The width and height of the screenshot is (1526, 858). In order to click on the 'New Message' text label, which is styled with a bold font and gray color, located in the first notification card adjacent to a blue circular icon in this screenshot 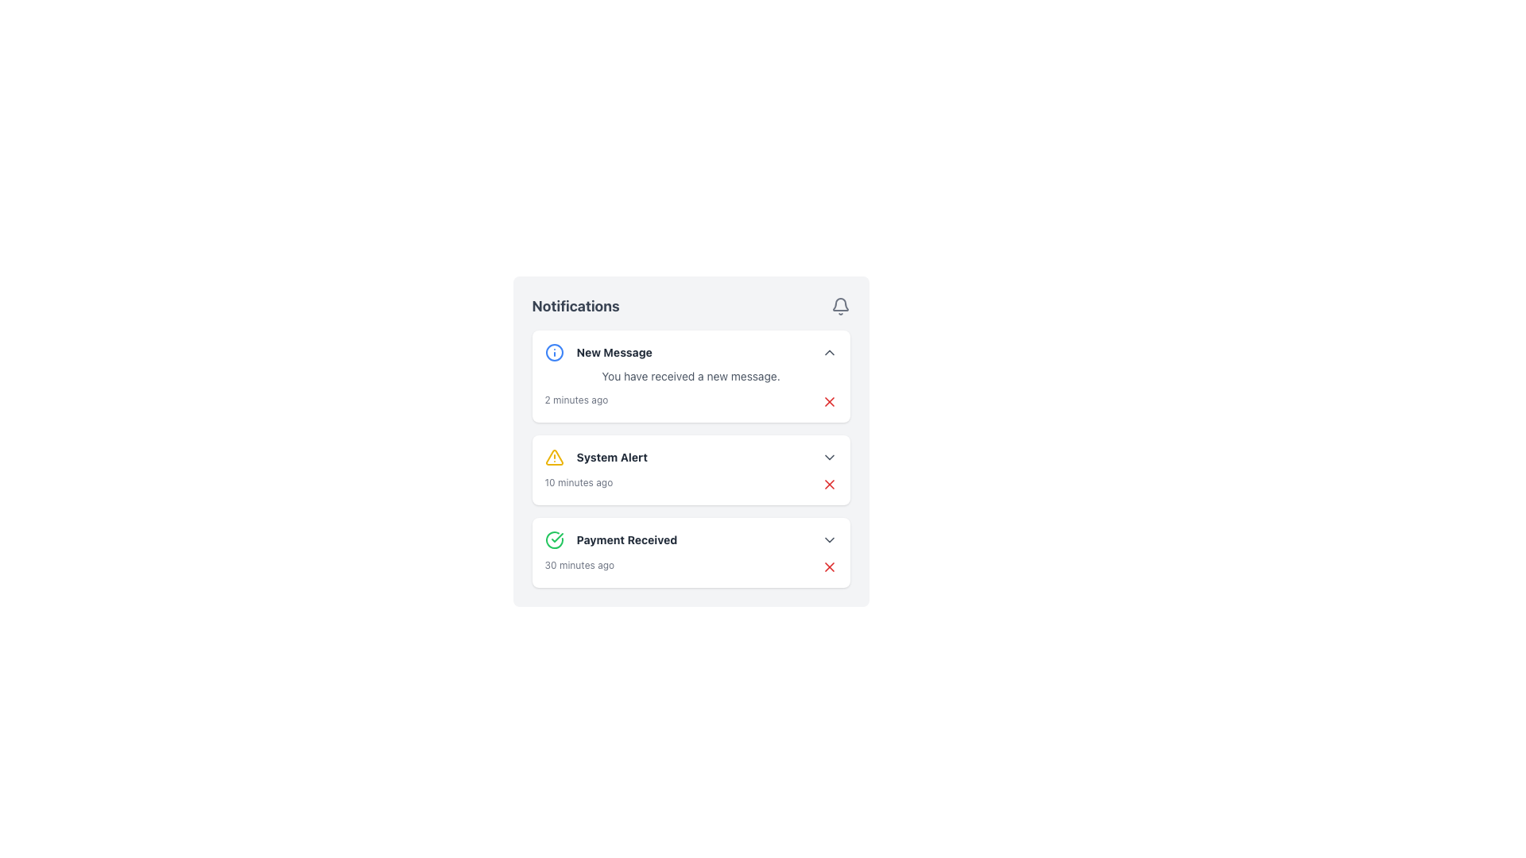, I will do `click(614, 351)`.